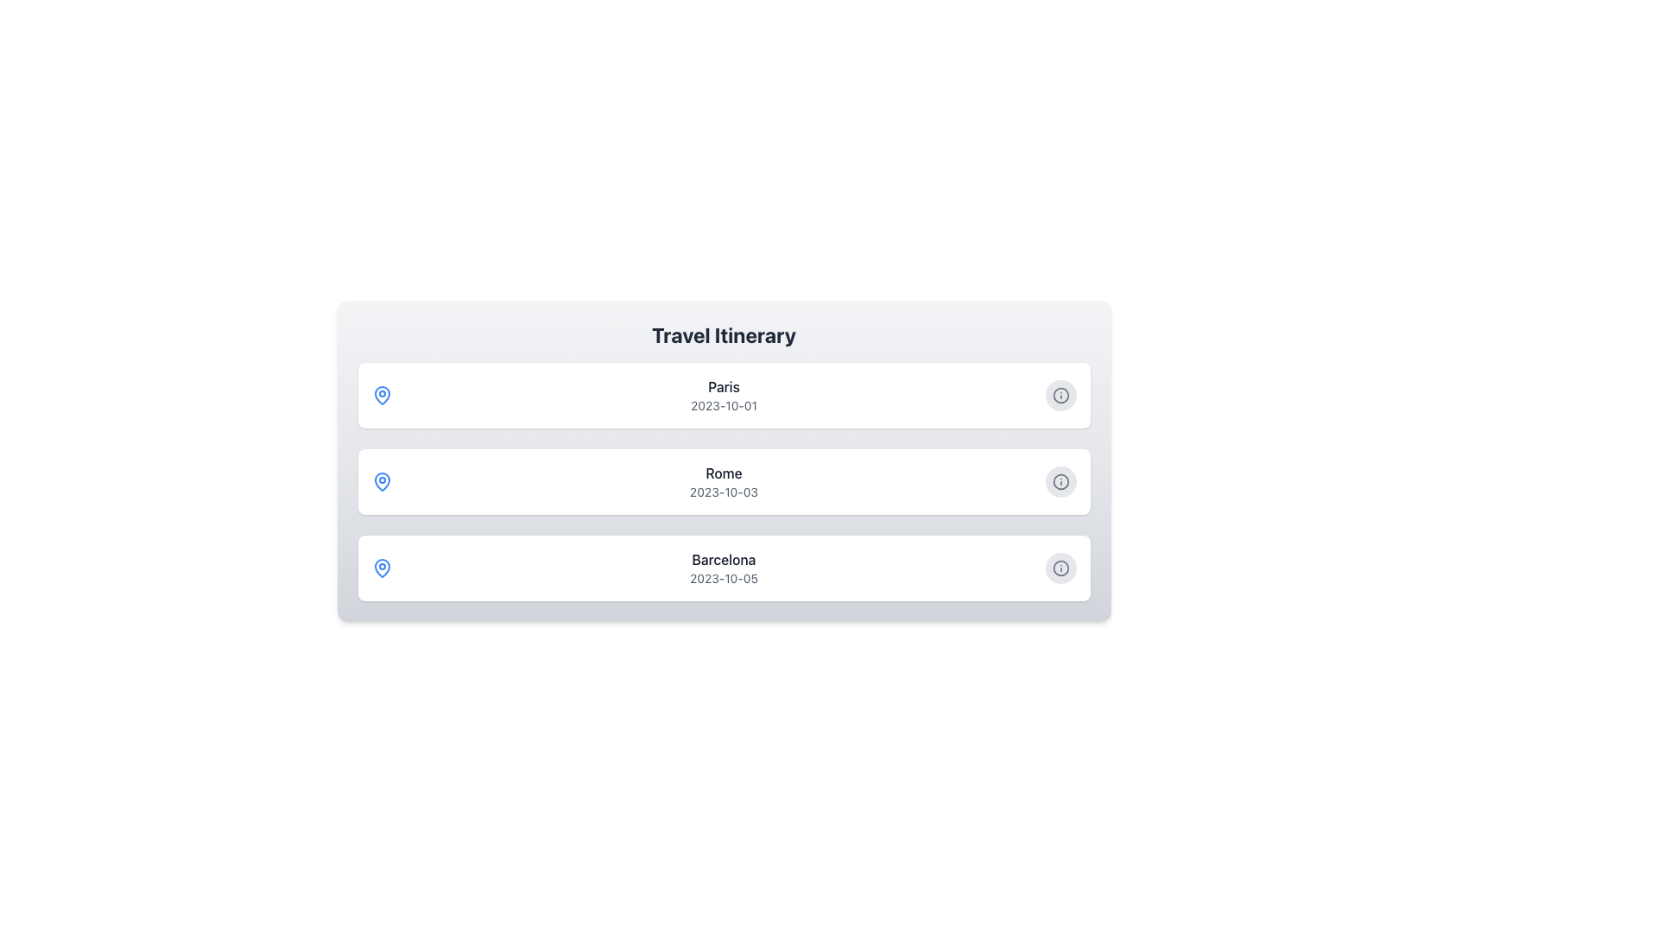 This screenshot has height=933, width=1658. What do you see at coordinates (724, 482) in the screenshot?
I see `the second itinerary card that details a visit to Rome, positioned between the Paris and Barcelona cards in the central section of the interface` at bounding box center [724, 482].